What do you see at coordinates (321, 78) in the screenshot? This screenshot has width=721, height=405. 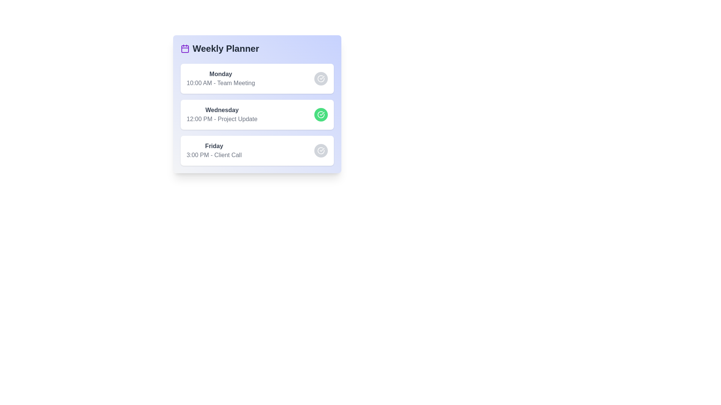 I see `the circular button next to the task corresponding to Monday - Team Meeting` at bounding box center [321, 78].